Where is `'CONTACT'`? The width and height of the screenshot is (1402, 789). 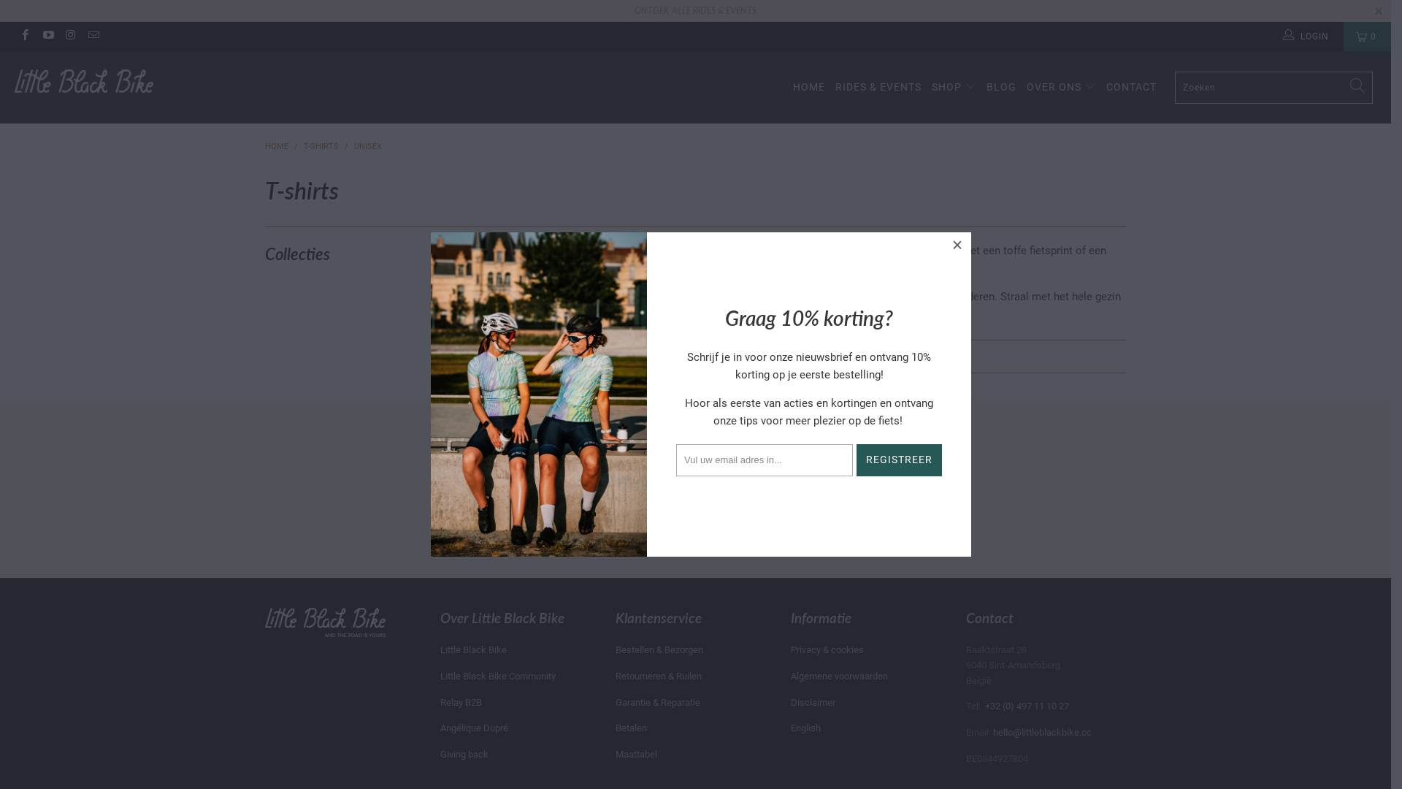 'CONTACT' is located at coordinates (1106, 87).